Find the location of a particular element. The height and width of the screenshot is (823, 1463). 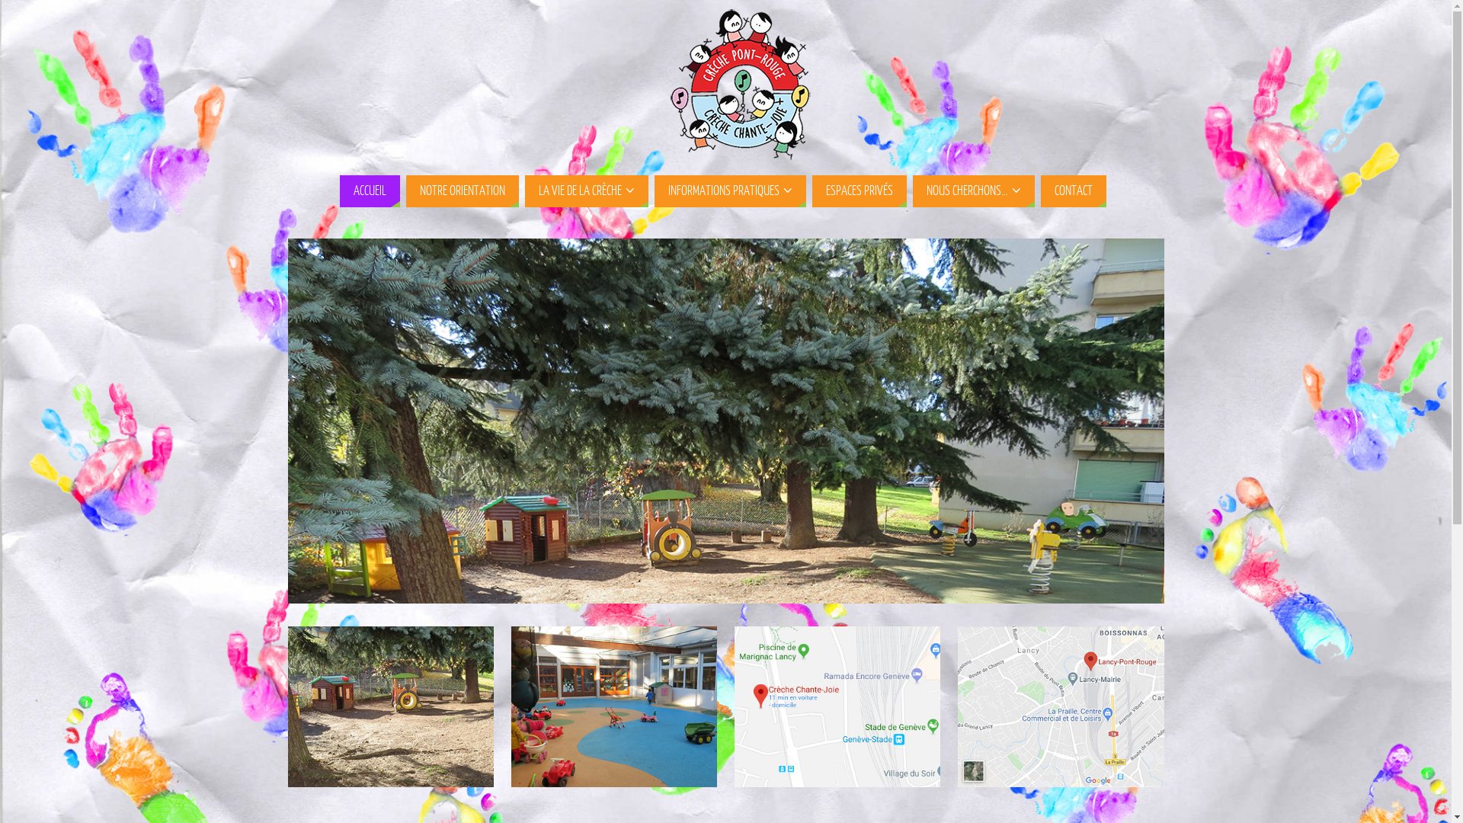

'Contact Pont-Rouge' is located at coordinates (957, 706).